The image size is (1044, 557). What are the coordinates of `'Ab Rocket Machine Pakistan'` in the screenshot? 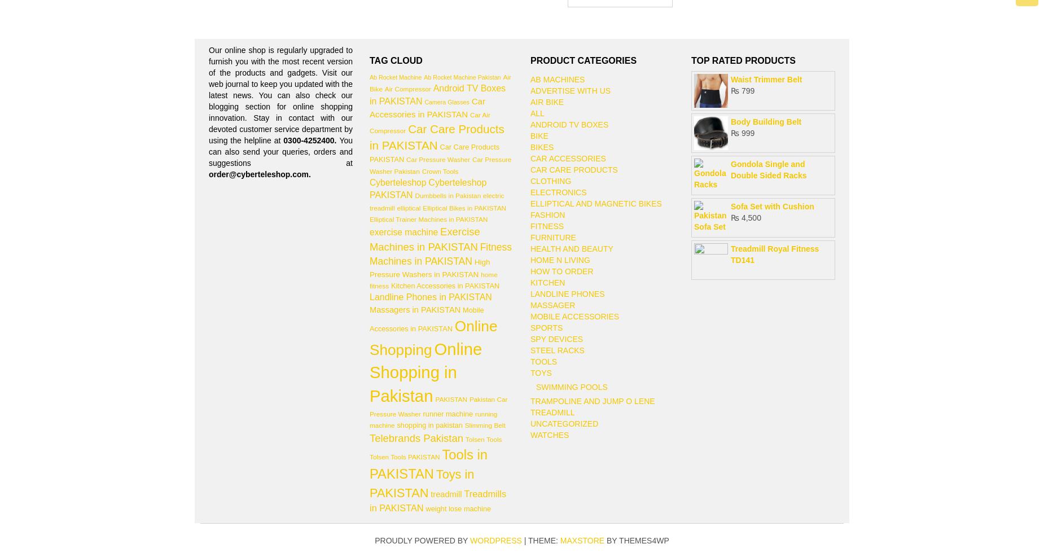 It's located at (423, 77).